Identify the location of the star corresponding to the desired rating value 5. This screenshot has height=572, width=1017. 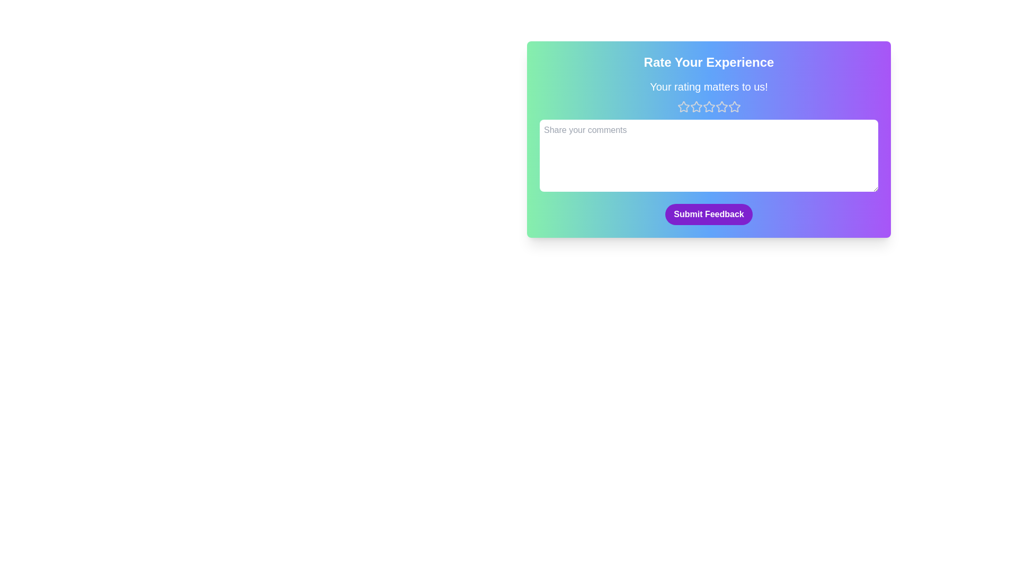
(734, 106).